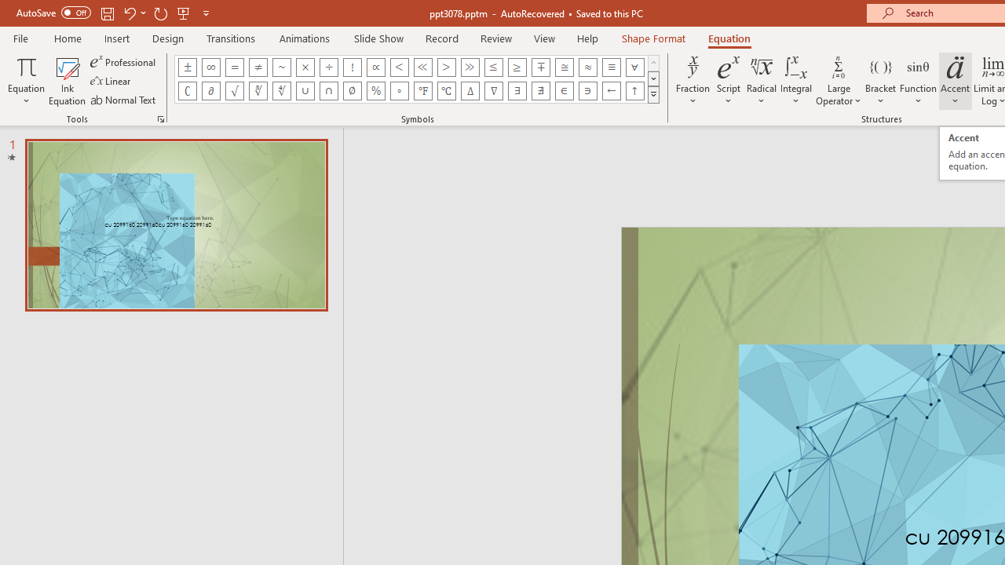  Describe the element at coordinates (470, 67) in the screenshot. I see `'Equation Symbol Much Greater Than'` at that location.